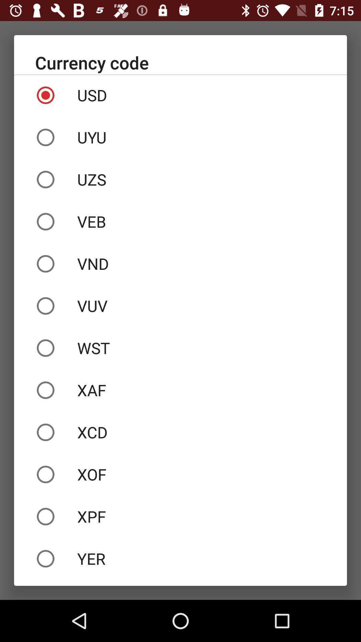  Describe the element at coordinates (180, 582) in the screenshot. I see `item below yer item` at that location.